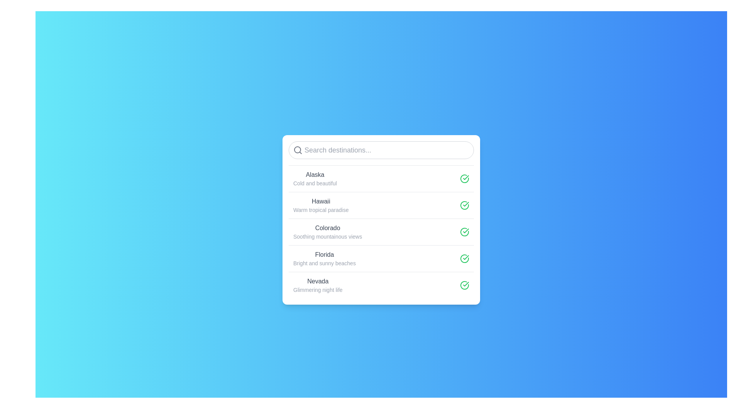  What do you see at coordinates (324, 263) in the screenshot?
I see `the text label providing additional descriptive information about 'Florida', which is positioned directly beneath the text 'Florida' in the destinations menu` at bounding box center [324, 263].